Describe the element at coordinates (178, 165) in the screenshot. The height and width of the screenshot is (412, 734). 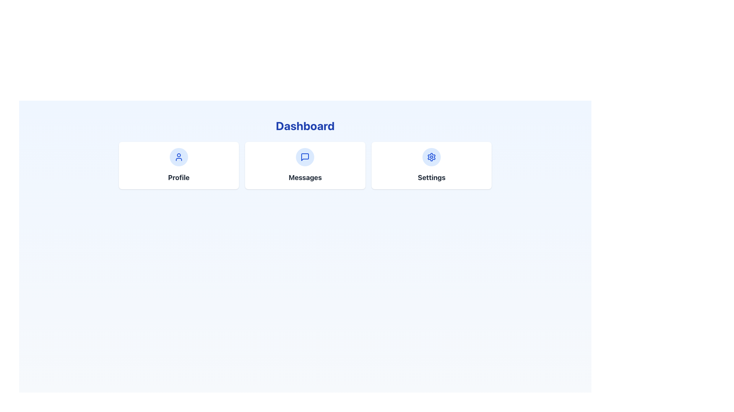
I see `the Navigational Card located in the top-left of the three-card layout` at that location.